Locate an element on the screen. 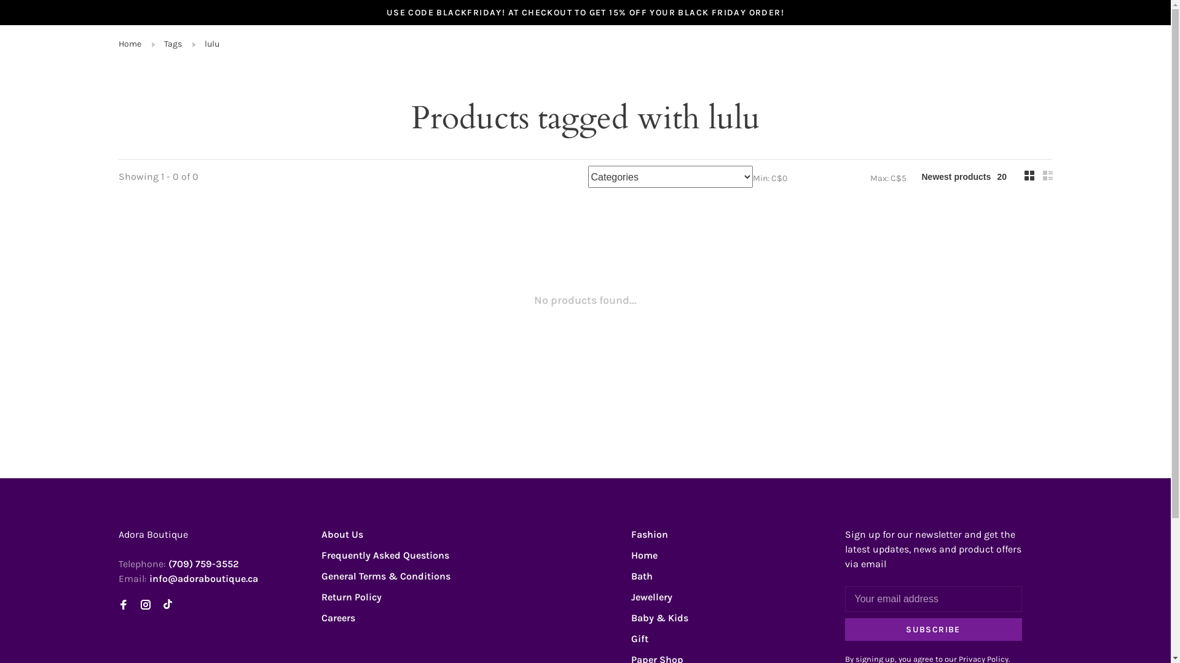  'Telephone: (709) 759-3552' is located at coordinates (177, 564).